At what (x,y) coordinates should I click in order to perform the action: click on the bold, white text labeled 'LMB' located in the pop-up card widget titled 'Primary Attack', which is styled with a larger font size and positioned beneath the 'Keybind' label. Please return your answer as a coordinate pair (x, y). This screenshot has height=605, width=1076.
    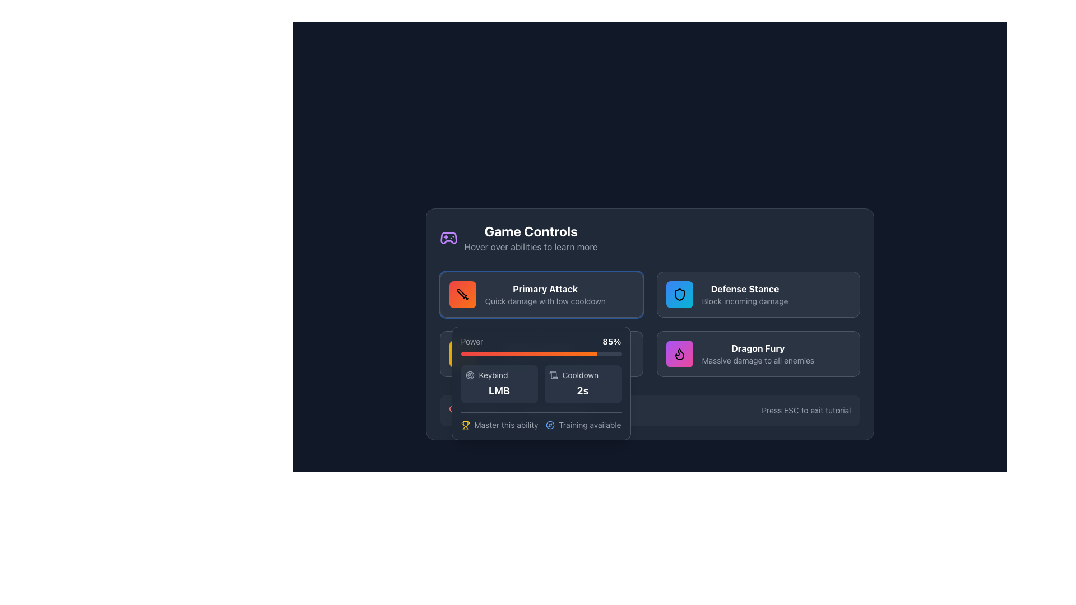
    Looking at the image, I should click on (499, 390).